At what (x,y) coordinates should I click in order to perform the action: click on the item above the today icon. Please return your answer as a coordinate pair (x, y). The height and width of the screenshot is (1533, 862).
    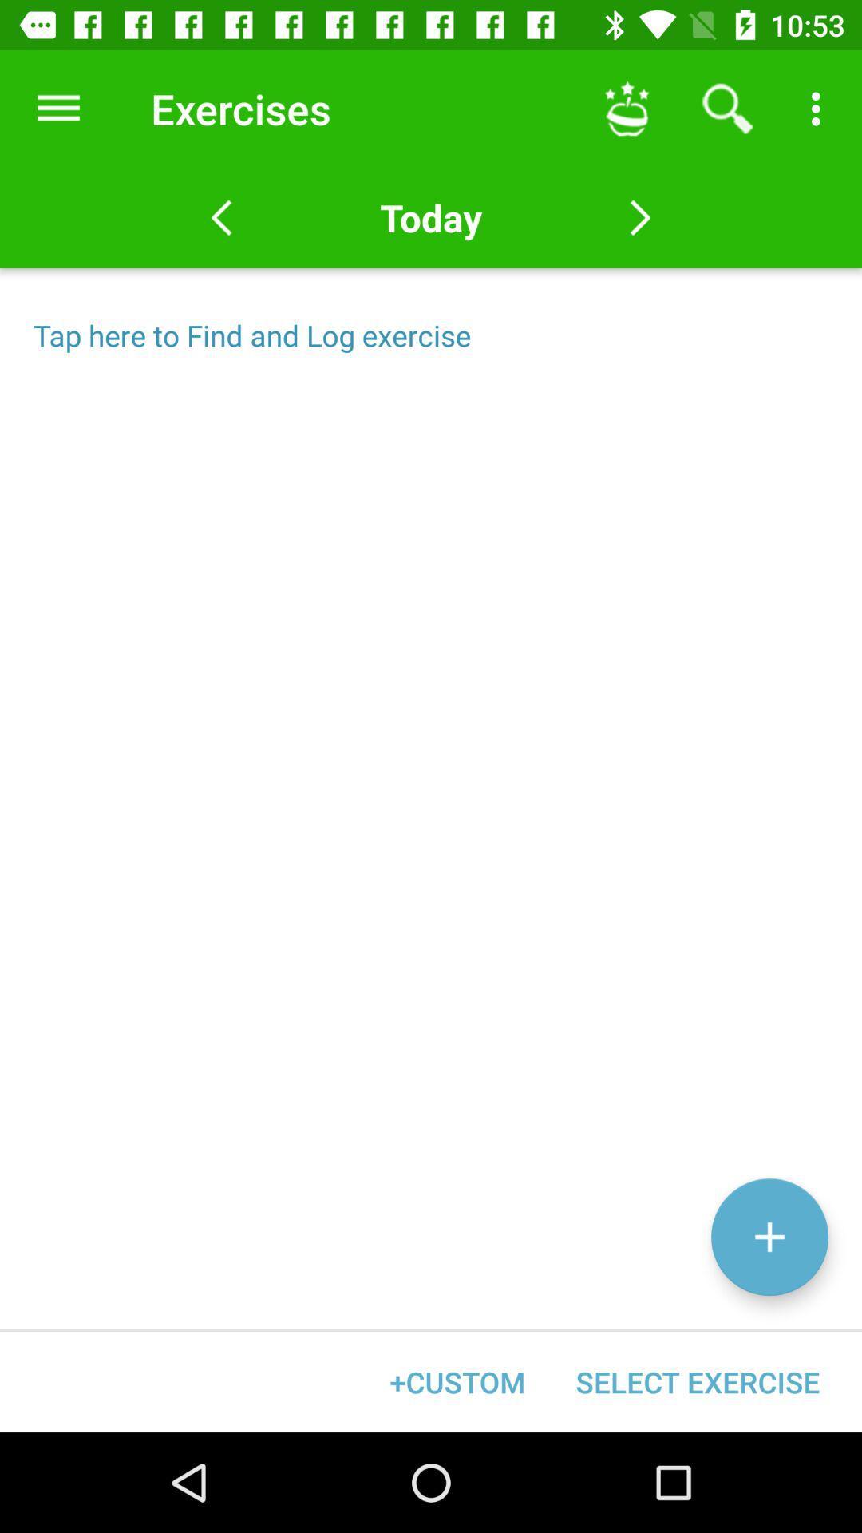
    Looking at the image, I should click on (627, 108).